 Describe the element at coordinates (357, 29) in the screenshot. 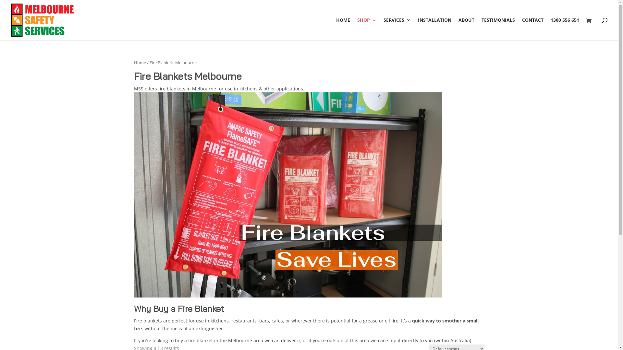

I see `'SHOP'` at that location.